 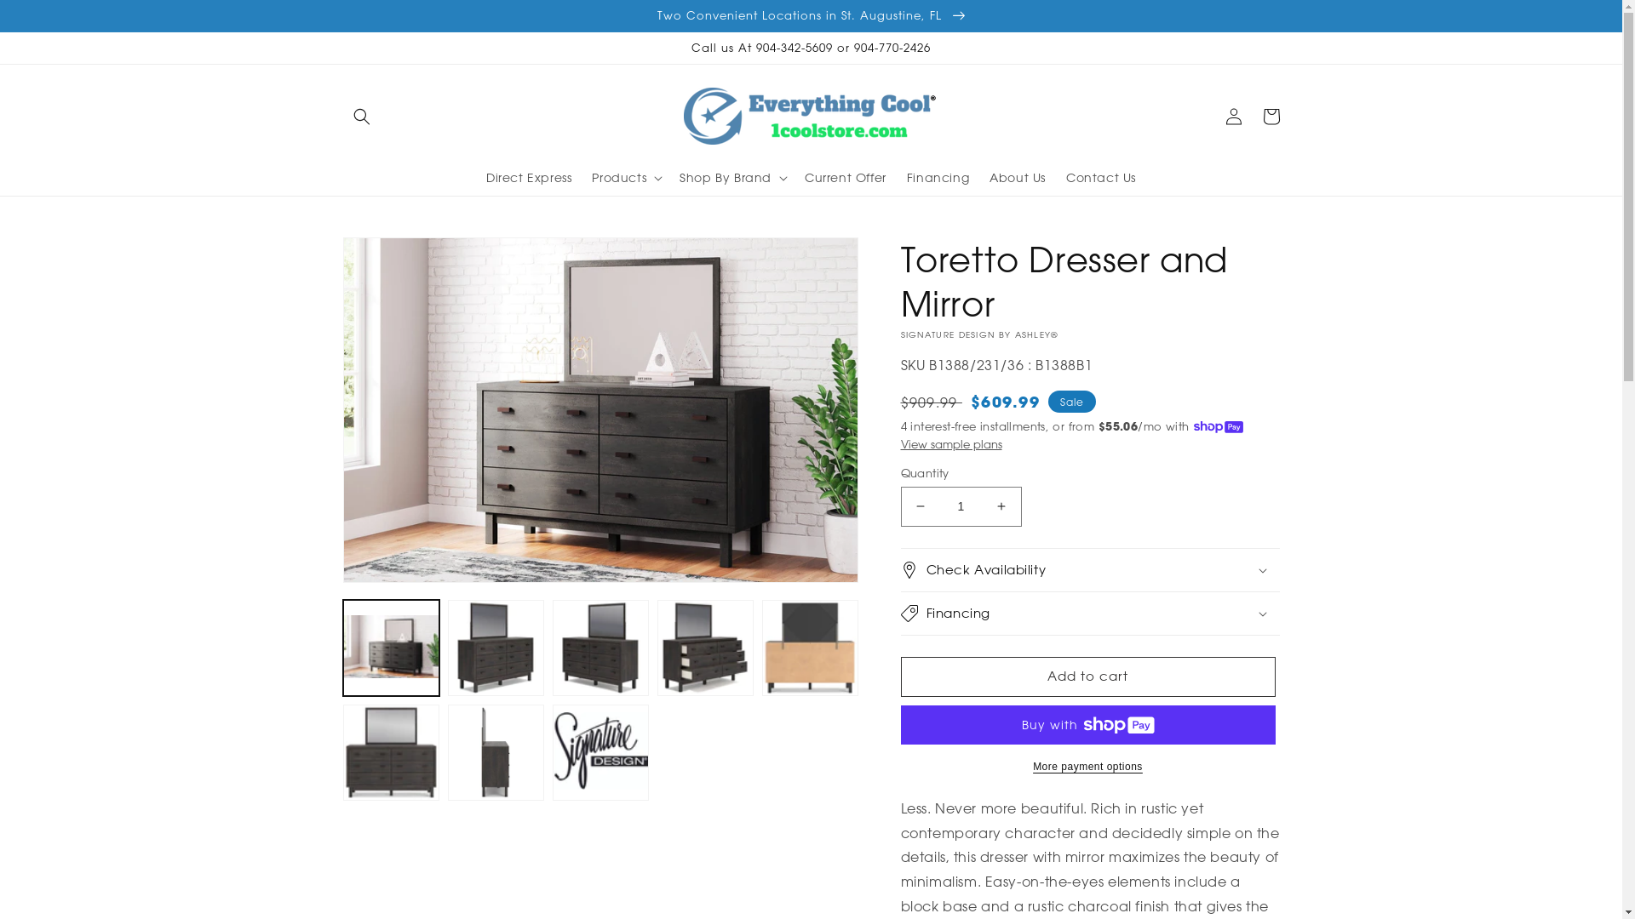 I want to click on 'Increase quantity for Toretto Dresser and Mirror', so click(x=1001, y=505).